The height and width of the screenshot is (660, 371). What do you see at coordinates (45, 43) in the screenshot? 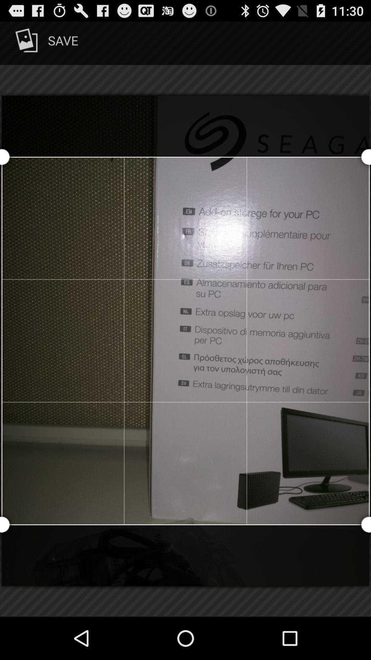
I see `item at the top left corner` at bounding box center [45, 43].